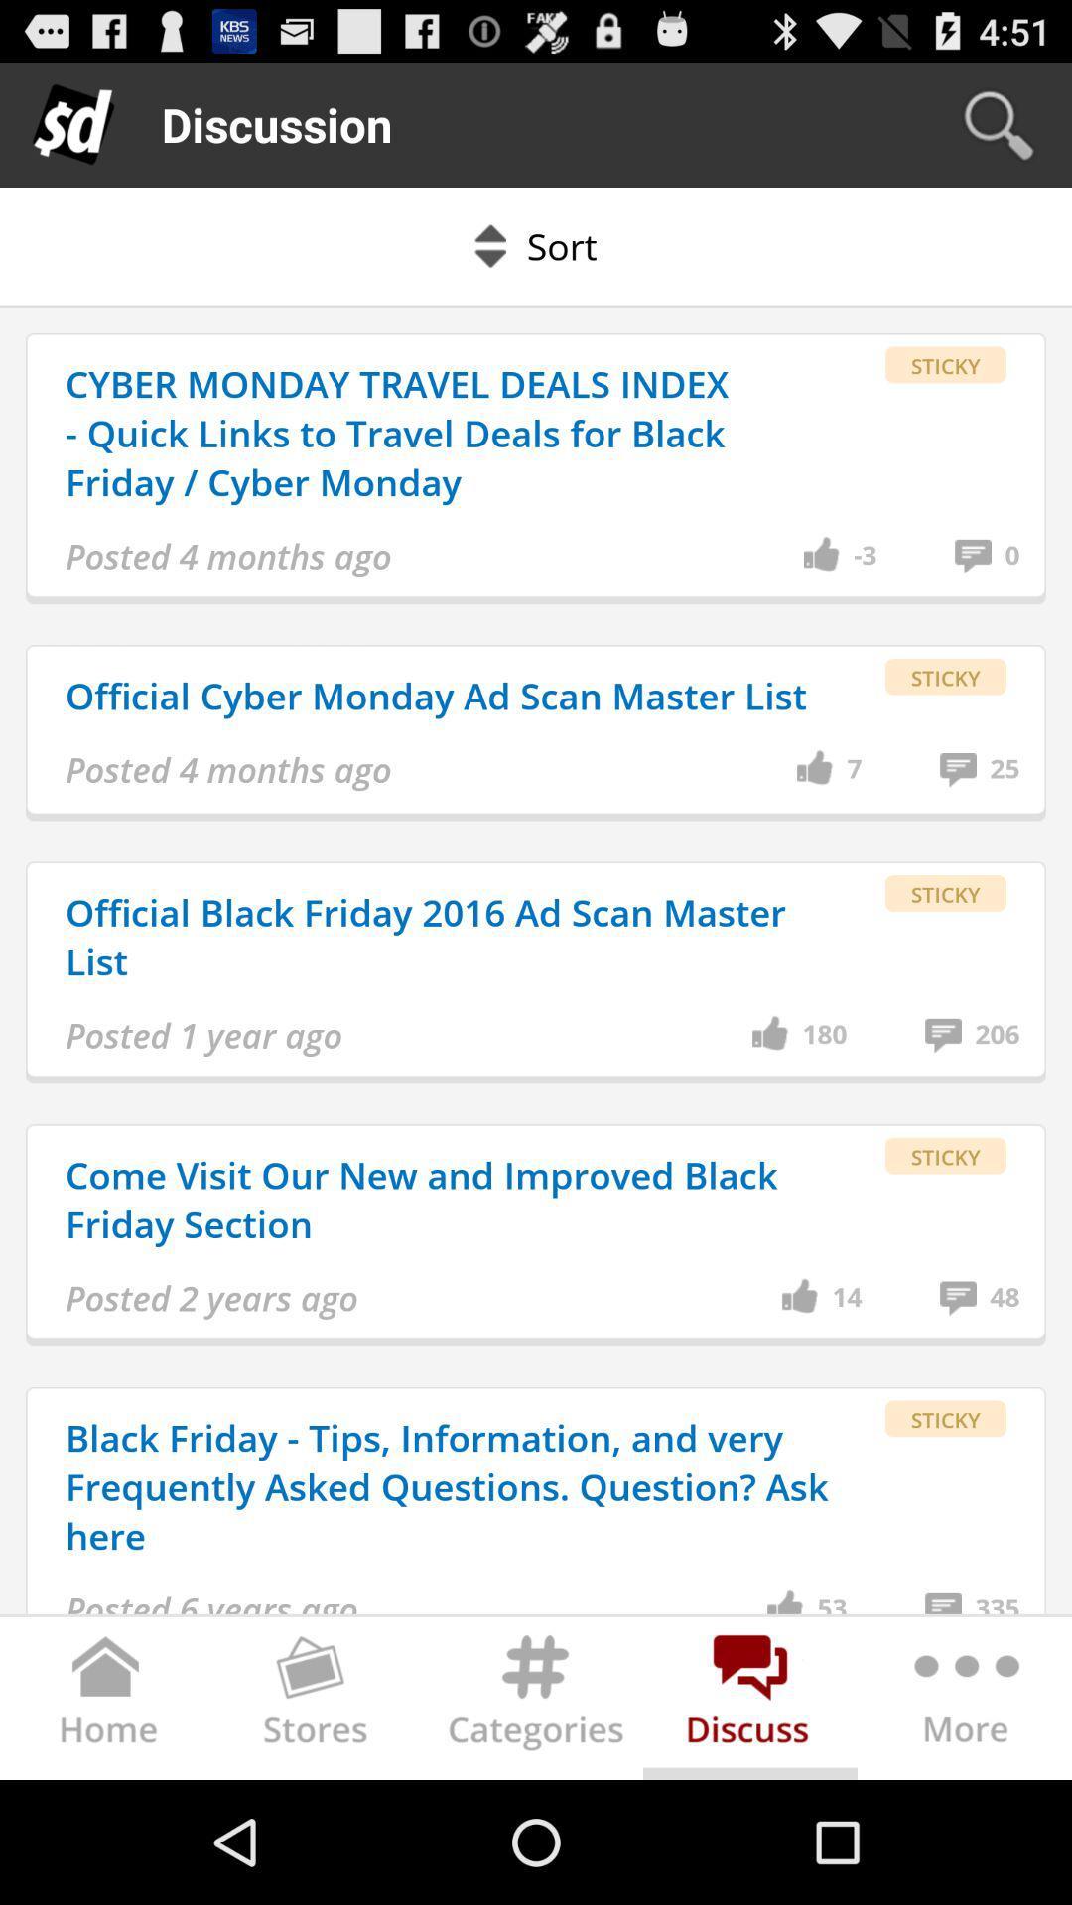  Describe the element at coordinates (963, 1701) in the screenshot. I see `further options` at that location.